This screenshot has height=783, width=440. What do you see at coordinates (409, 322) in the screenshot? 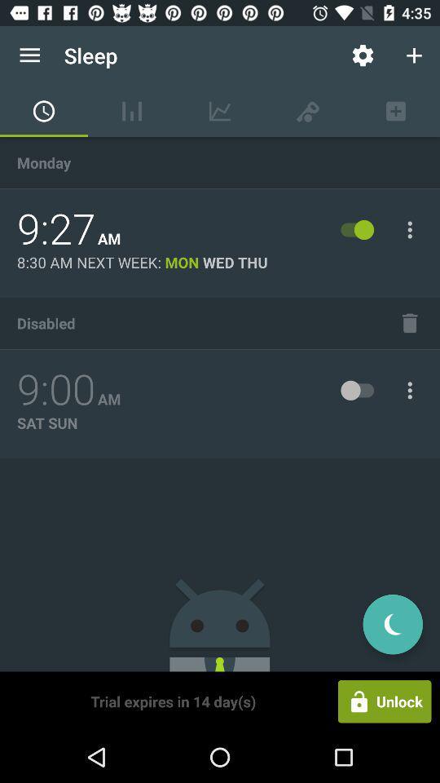
I see `bookmark` at bounding box center [409, 322].